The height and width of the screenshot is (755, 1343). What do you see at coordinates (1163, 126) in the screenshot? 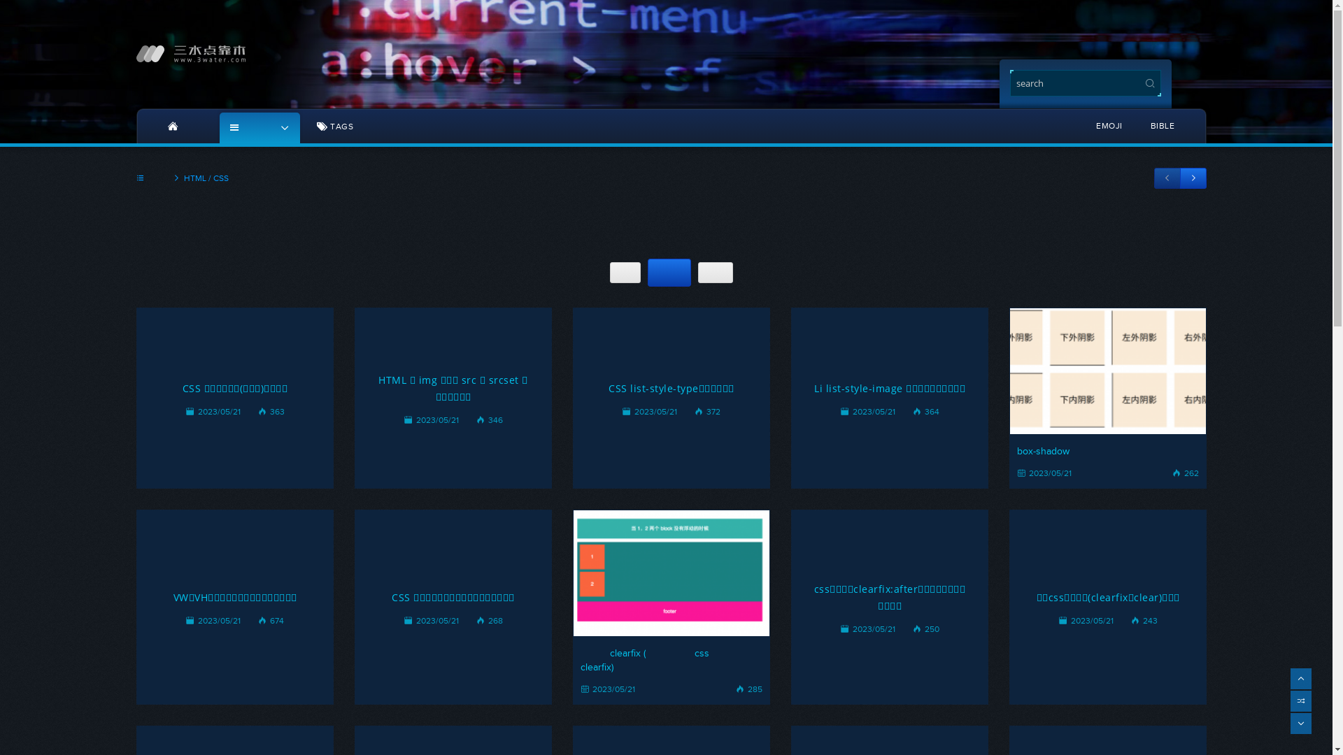
I see `'BIBLE'` at bounding box center [1163, 126].